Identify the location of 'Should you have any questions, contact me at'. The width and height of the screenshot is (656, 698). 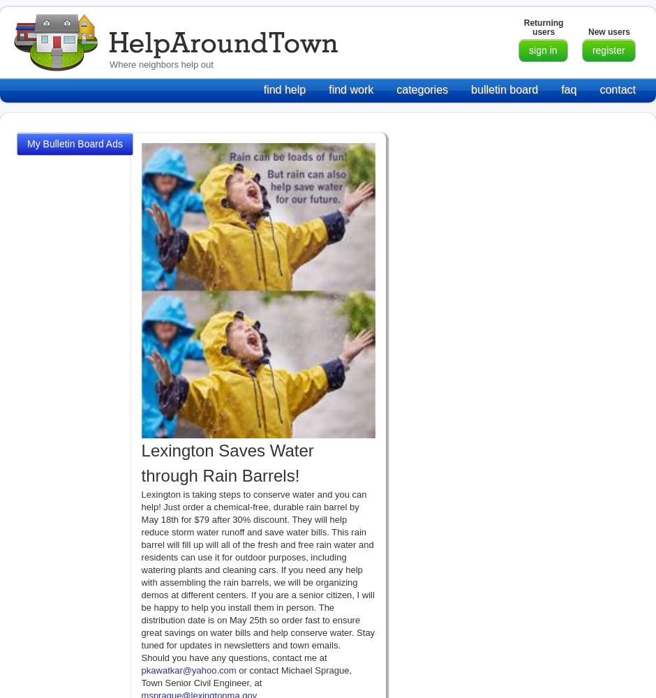
(234, 656).